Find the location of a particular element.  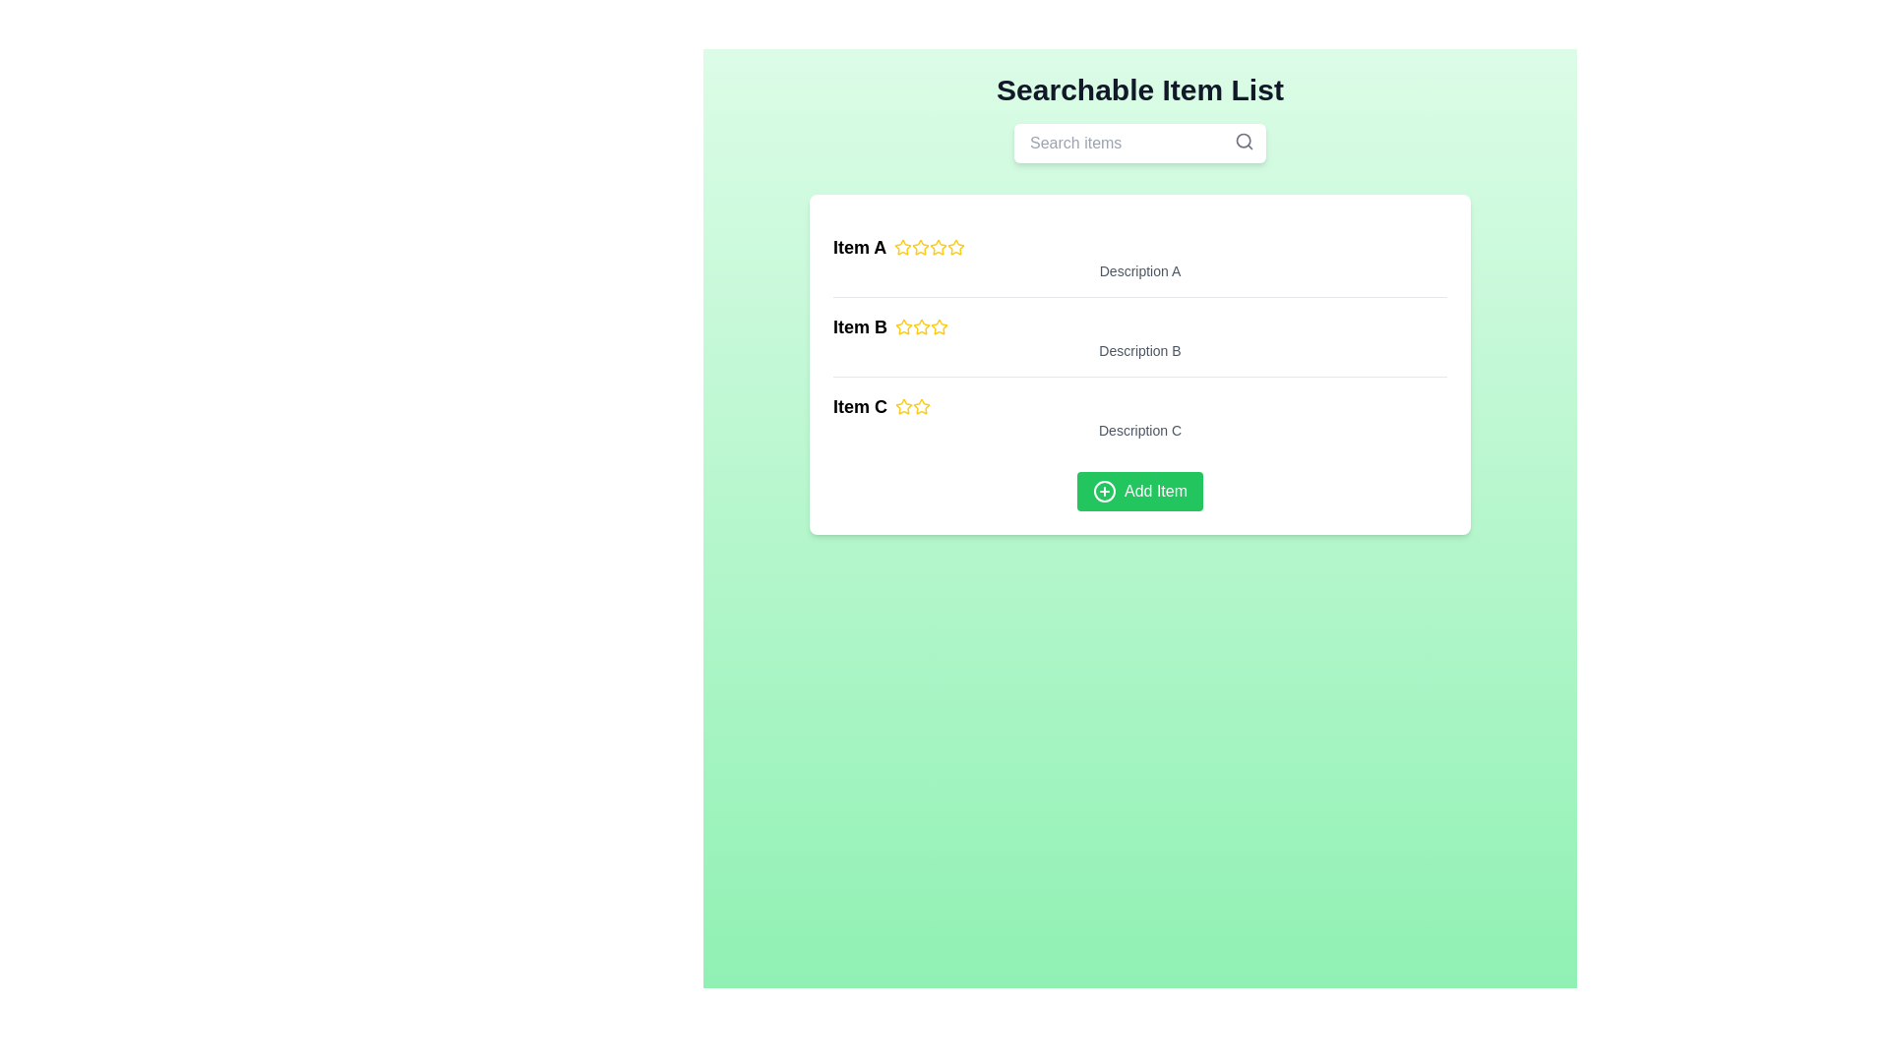

the second star icon in the rating section of 'Item B' is located at coordinates (920, 325).